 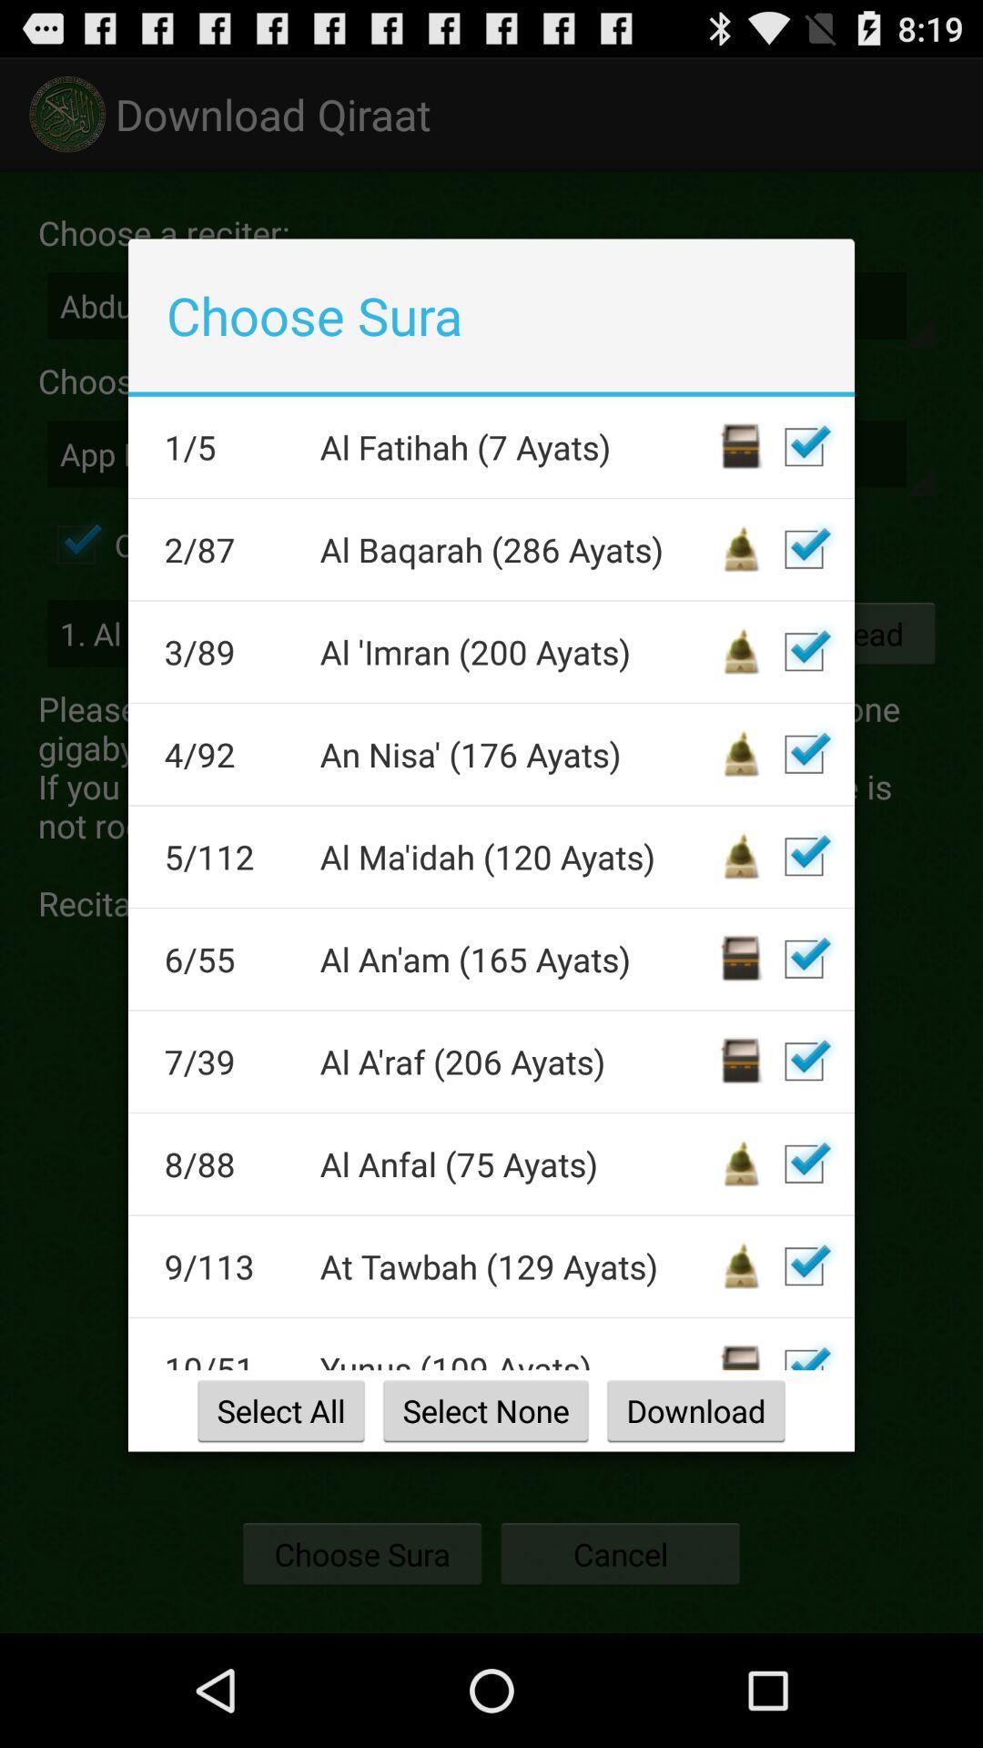 What do you see at coordinates (803, 1350) in the screenshot?
I see `button above download button` at bounding box center [803, 1350].